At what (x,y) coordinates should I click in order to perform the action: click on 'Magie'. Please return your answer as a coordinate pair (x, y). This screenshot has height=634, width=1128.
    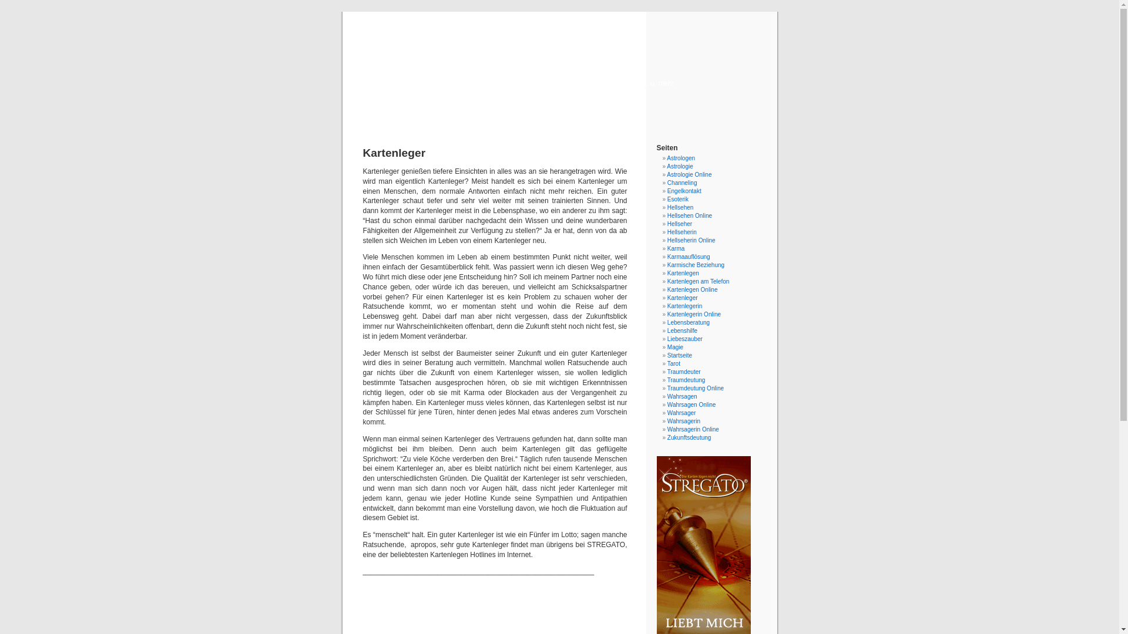
    Looking at the image, I should click on (675, 346).